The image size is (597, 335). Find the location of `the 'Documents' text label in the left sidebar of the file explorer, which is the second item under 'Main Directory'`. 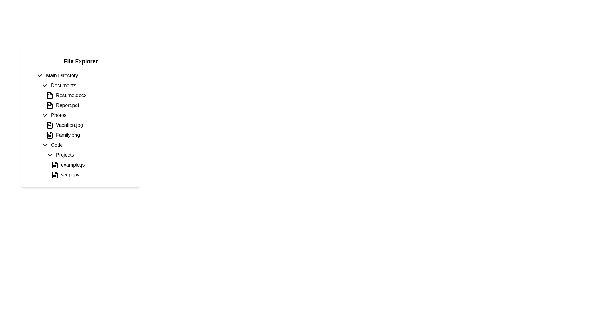

the 'Documents' text label in the left sidebar of the file explorer, which is the second item under 'Main Directory' is located at coordinates (63, 86).